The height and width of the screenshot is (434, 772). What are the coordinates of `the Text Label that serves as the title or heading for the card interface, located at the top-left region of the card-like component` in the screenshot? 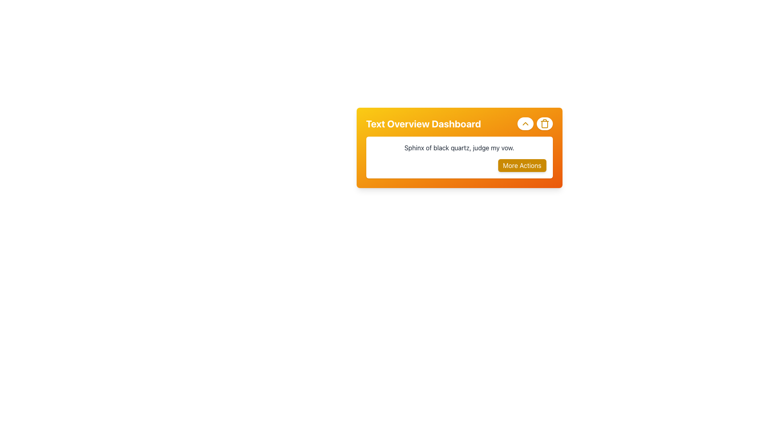 It's located at (423, 124).